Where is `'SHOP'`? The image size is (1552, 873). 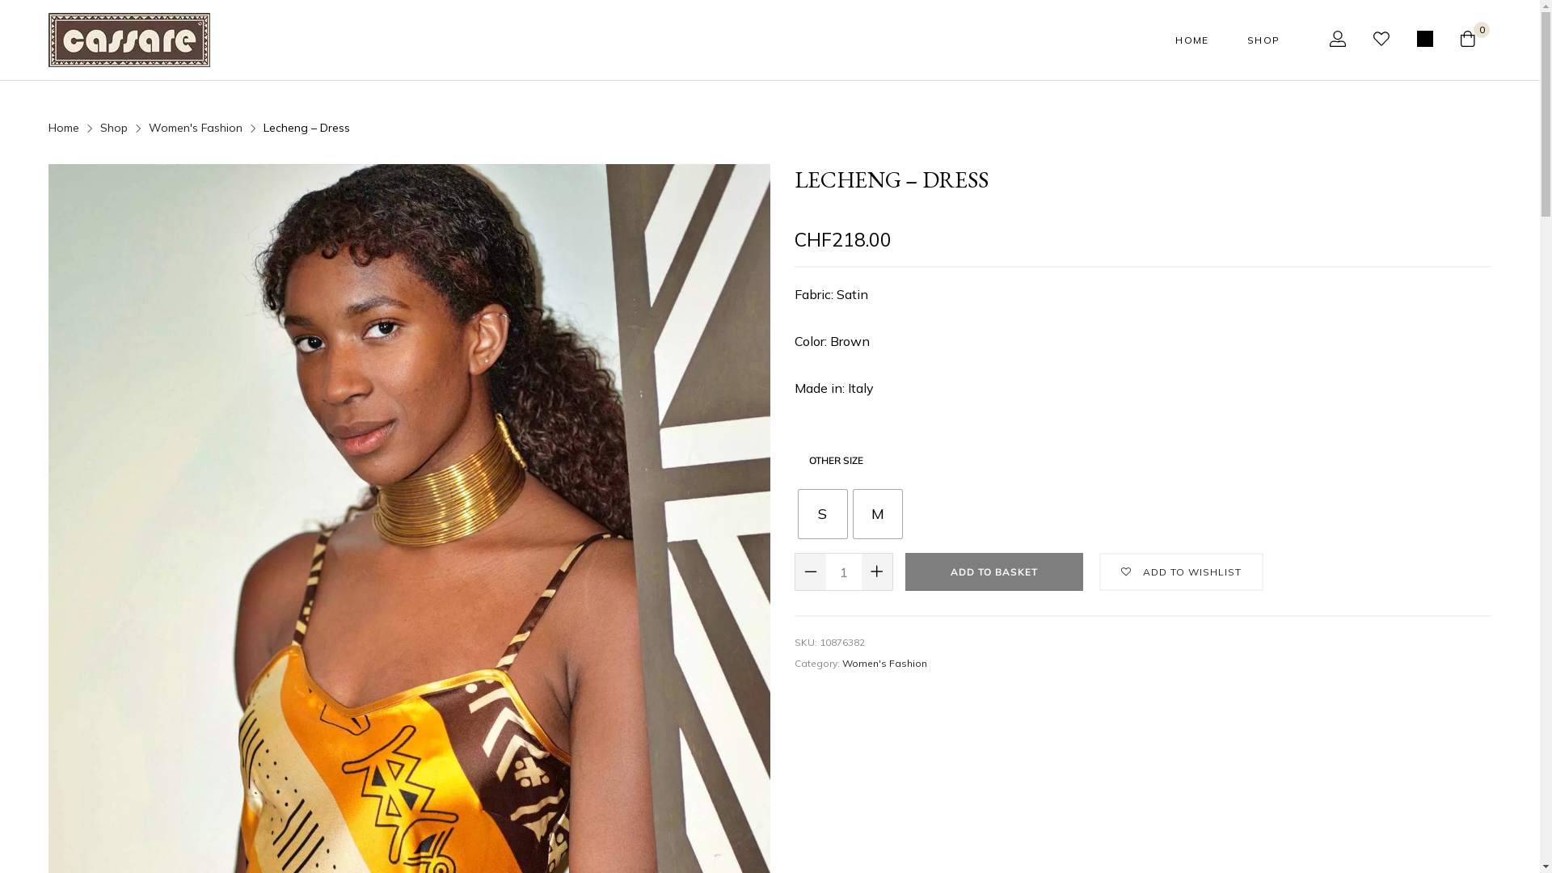
'SHOP' is located at coordinates (1246, 39).